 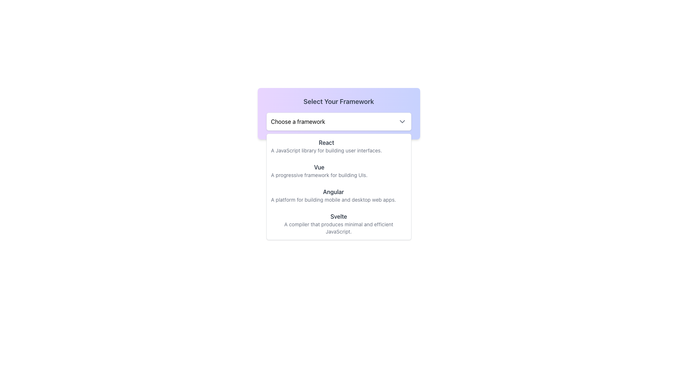 I want to click on the descriptive text label providing additional information about the 'Vue' framework, which is located below the bold text 'Vue' in the list of frameworks under the header 'Select Your Framework', so click(x=319, y=175).